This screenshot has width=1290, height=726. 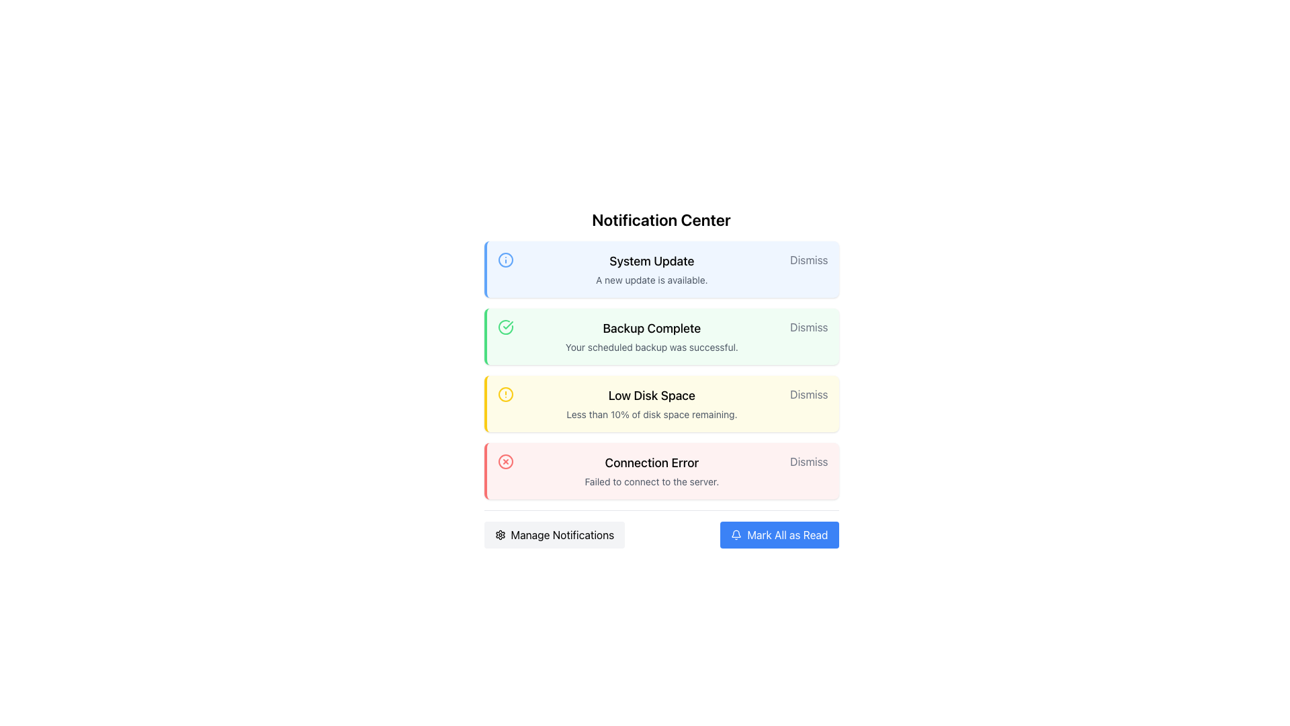 I want to click on the 'Low Disk Space' notification icon located at the left edge of the notification card, so click(x=505, y=393).